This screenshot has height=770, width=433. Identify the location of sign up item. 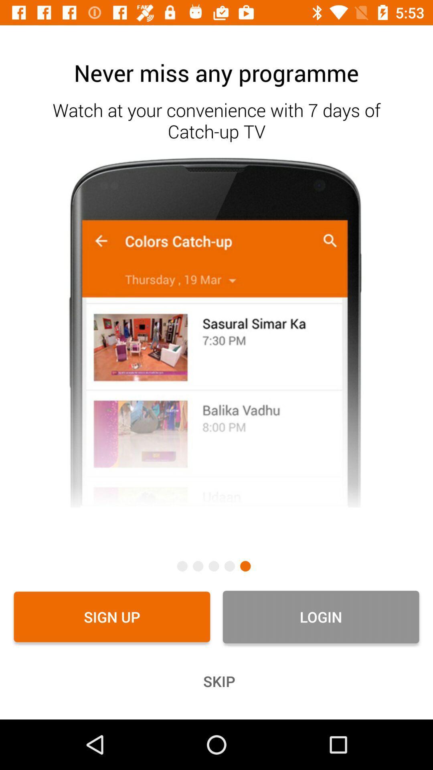
(112, 616).